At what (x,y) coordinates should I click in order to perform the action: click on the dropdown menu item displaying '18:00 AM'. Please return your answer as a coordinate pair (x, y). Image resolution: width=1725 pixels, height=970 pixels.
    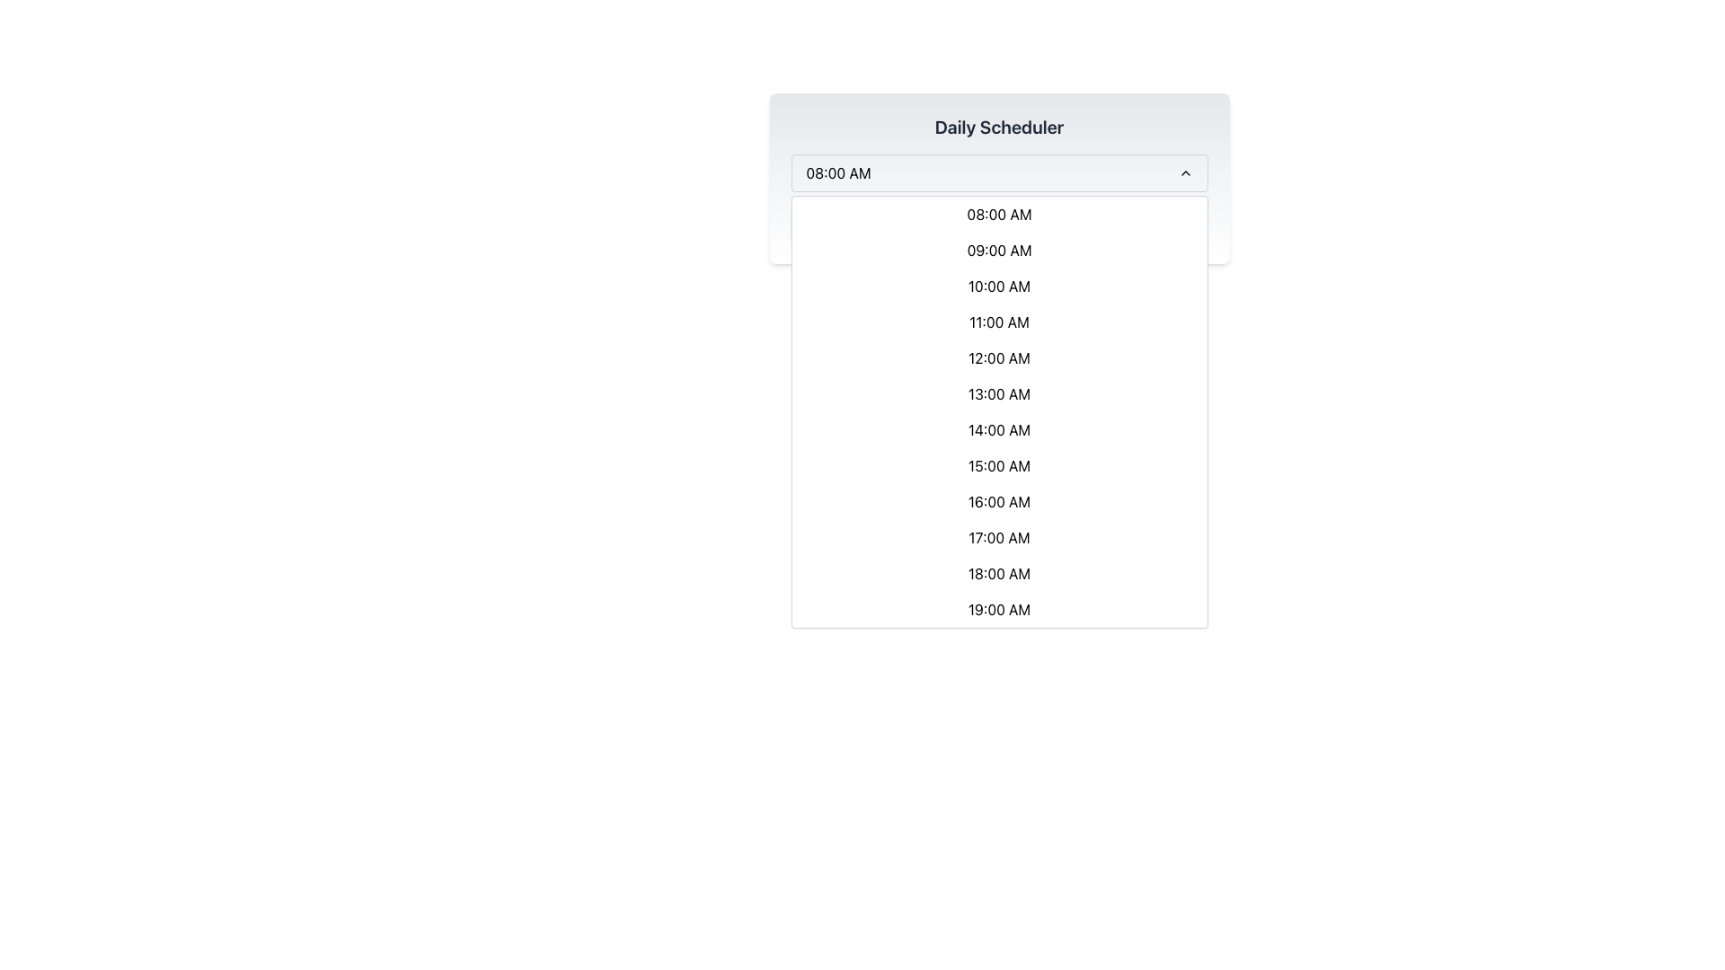
    Looking at the image, I should click on (998, 574).